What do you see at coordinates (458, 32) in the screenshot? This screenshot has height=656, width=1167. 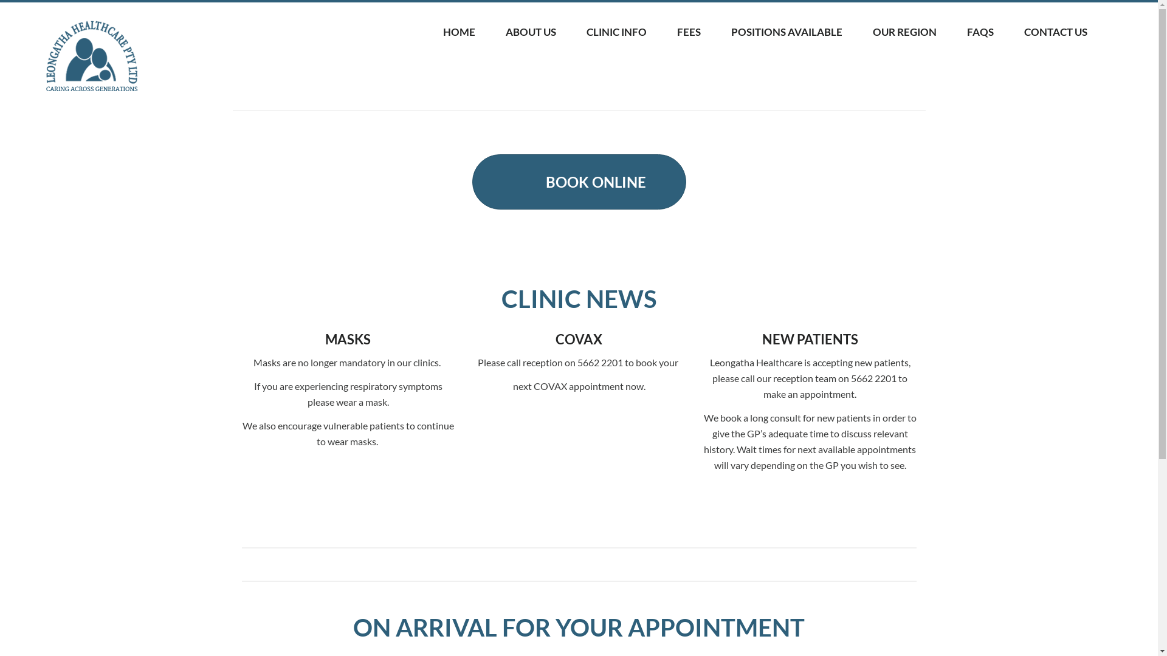 I see `'HOME'` at bounding box center [458, 32].